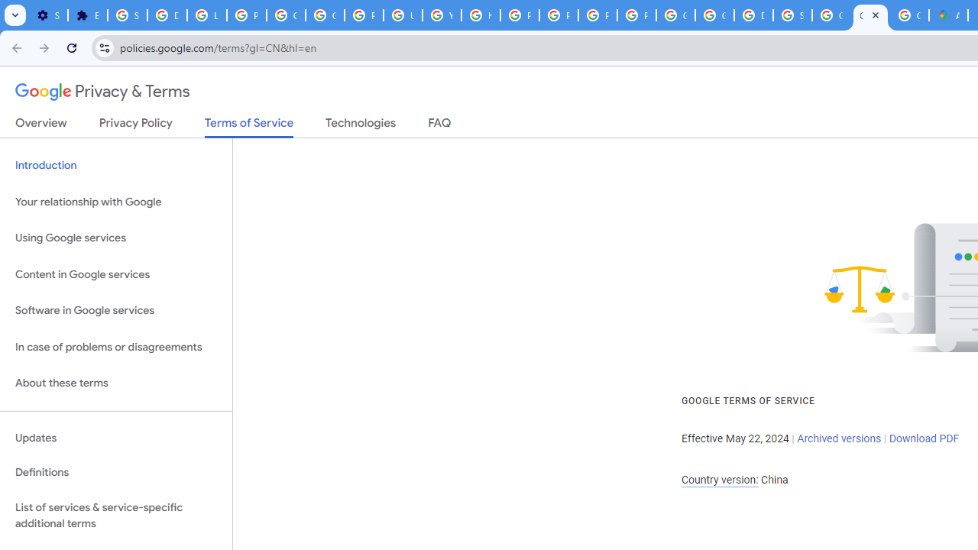 The width and height of the screenshot is (978, 550). Describe the element at coordinates (115, 238) in the screenshot. I see `'Using Google services'` at that location.